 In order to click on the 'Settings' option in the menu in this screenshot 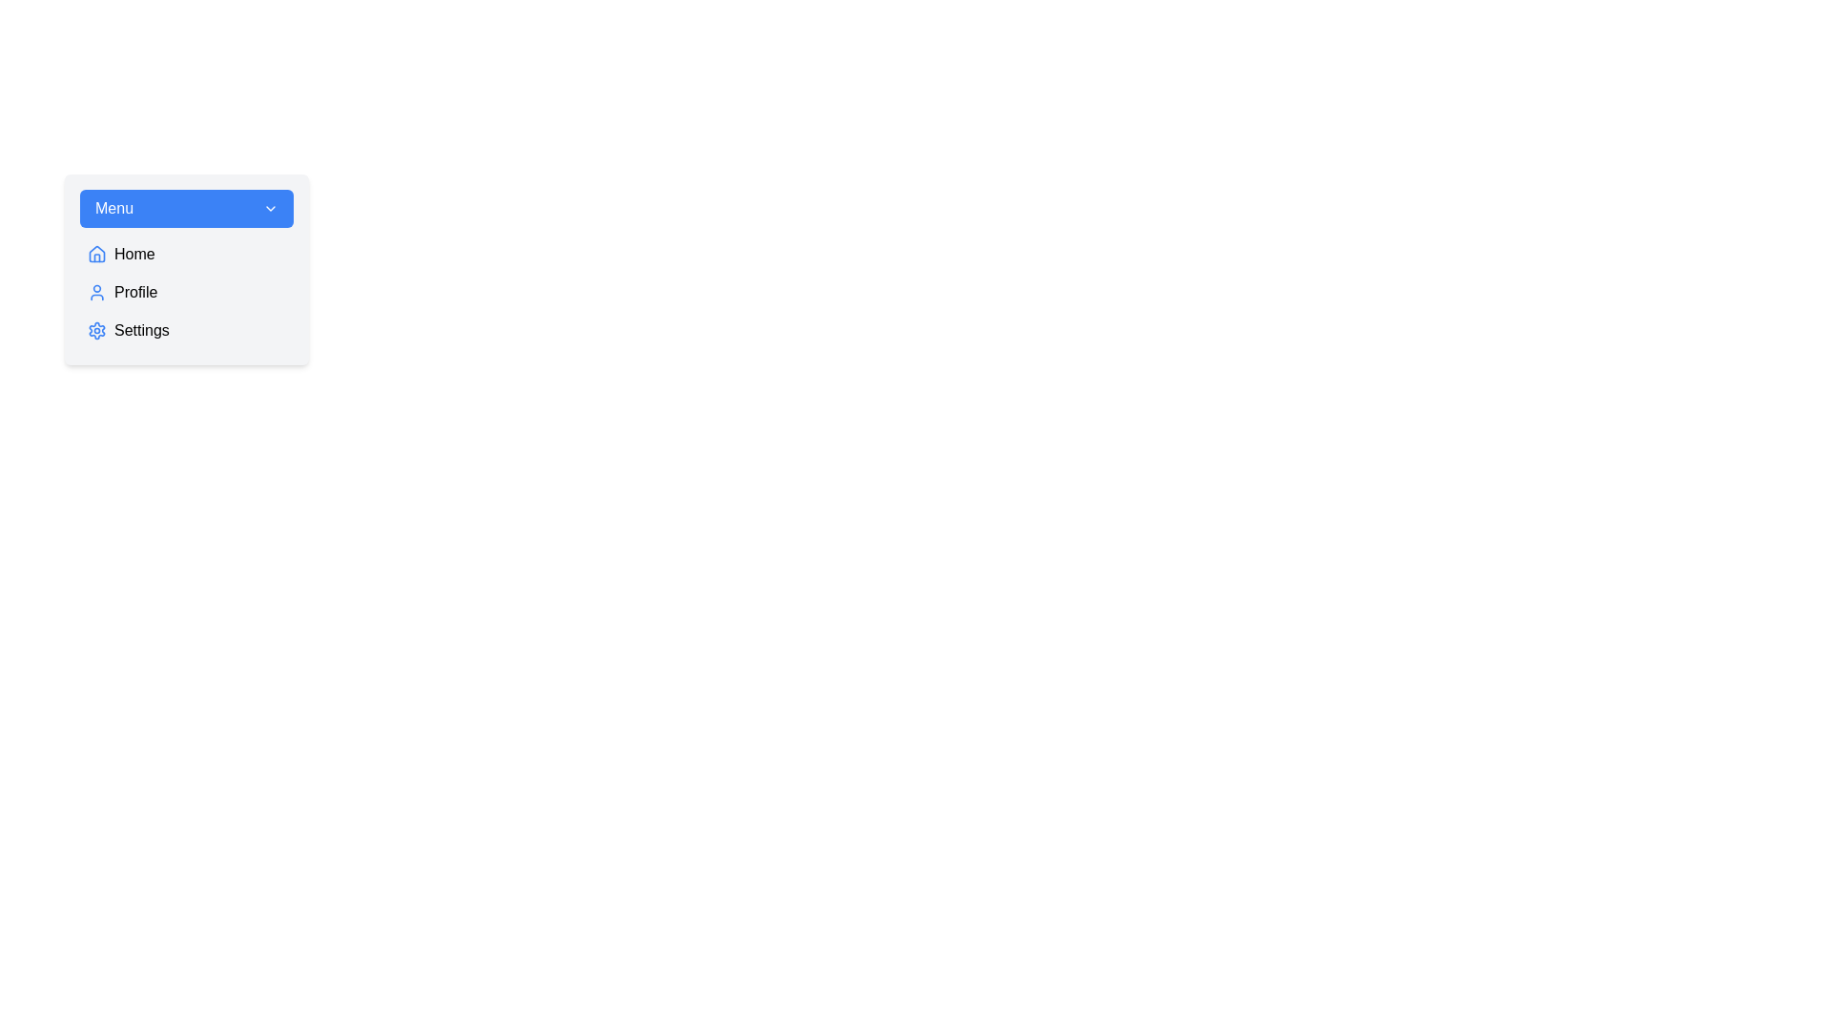, I will do `click(187, 330)`.